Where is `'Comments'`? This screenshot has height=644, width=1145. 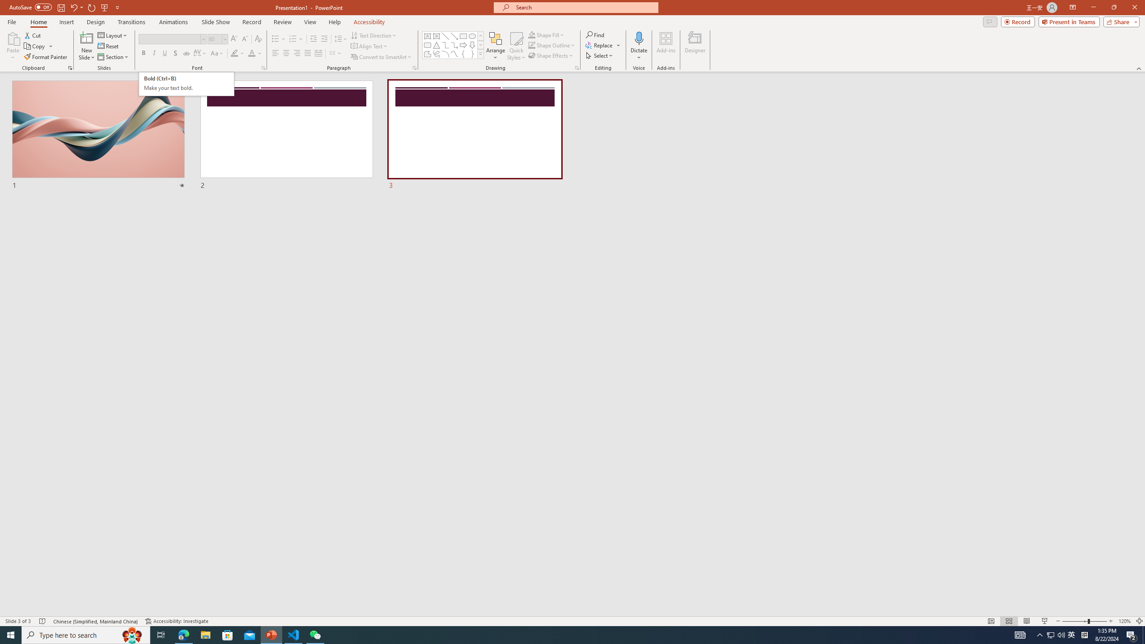
'Comments' is located at coordinates (990, 21).